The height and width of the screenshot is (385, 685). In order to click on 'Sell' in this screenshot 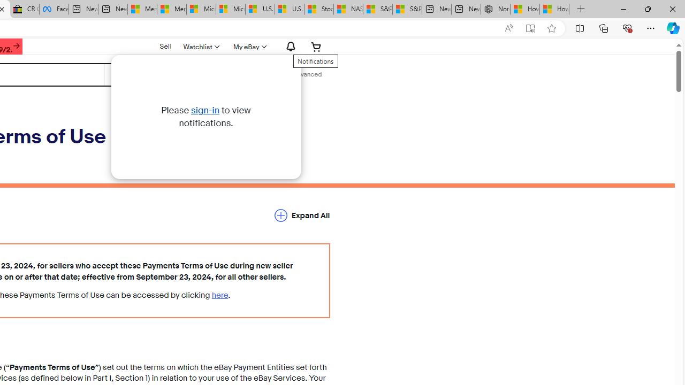, I will do `click(165, 45)`.